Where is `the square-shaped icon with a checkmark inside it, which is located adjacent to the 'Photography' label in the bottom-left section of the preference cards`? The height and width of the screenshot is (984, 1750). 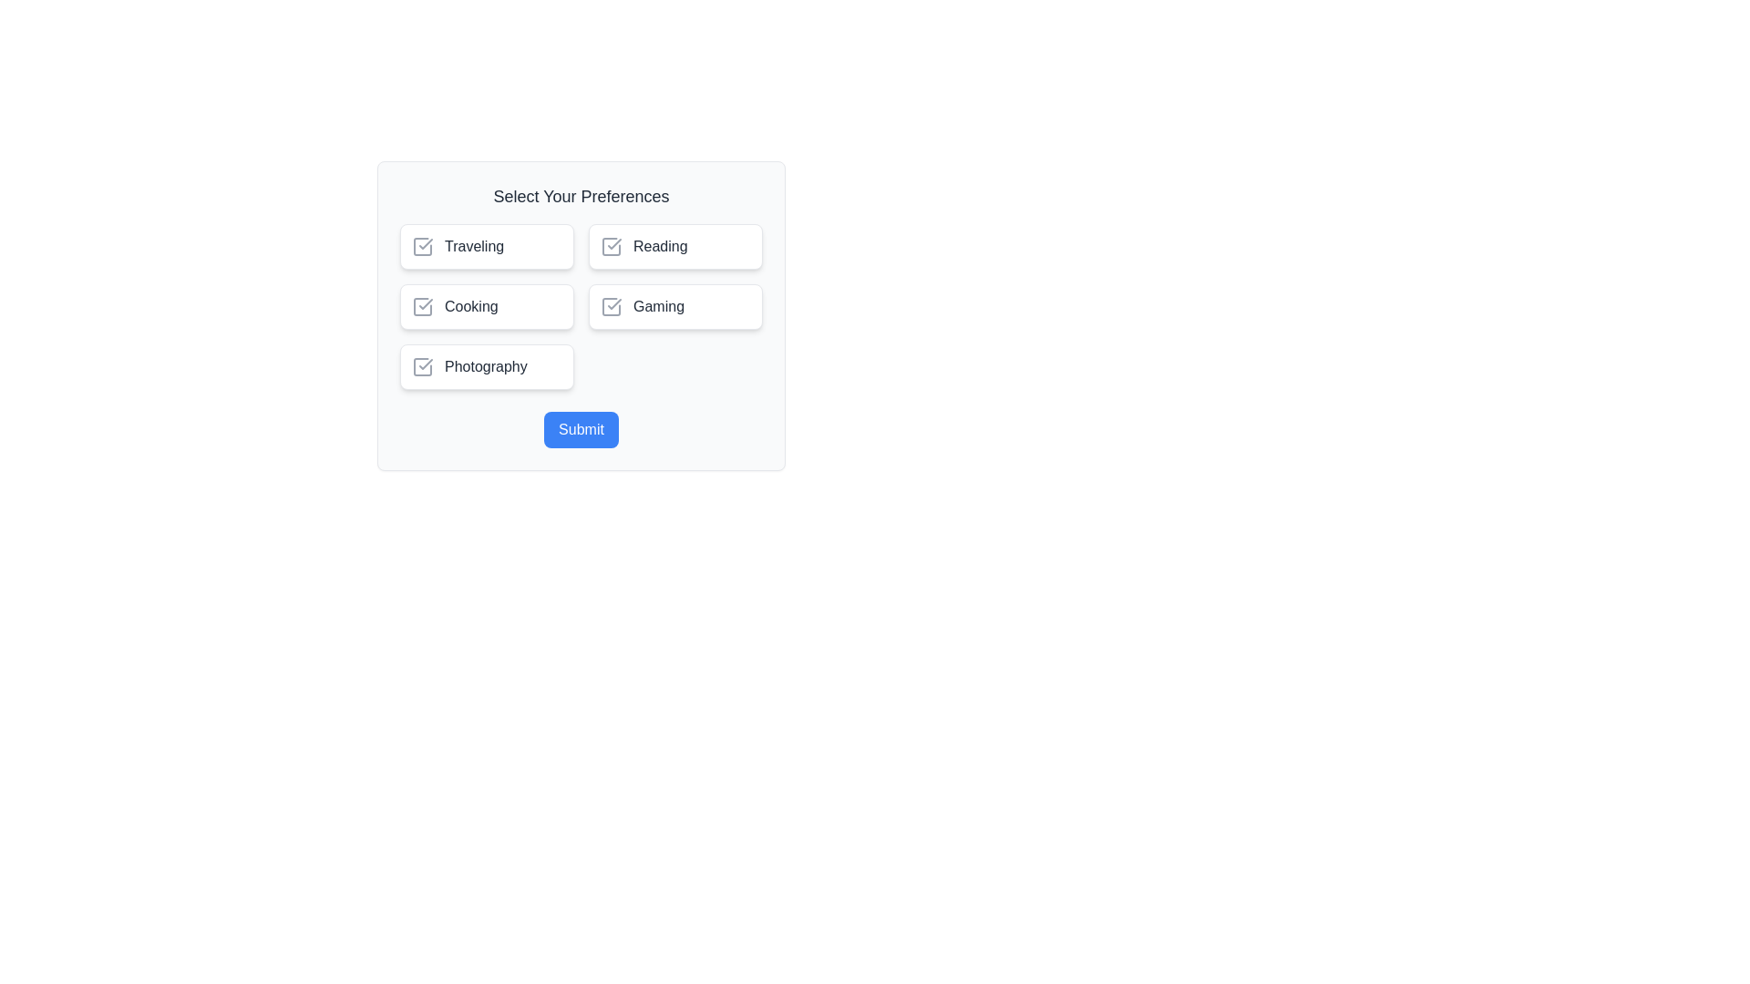
the square-shaped icon with a checkmark inside it, which is located adjacent to the 'Photography' label in the bottom-left section of the preference cards is located at coordinates (422, 366).